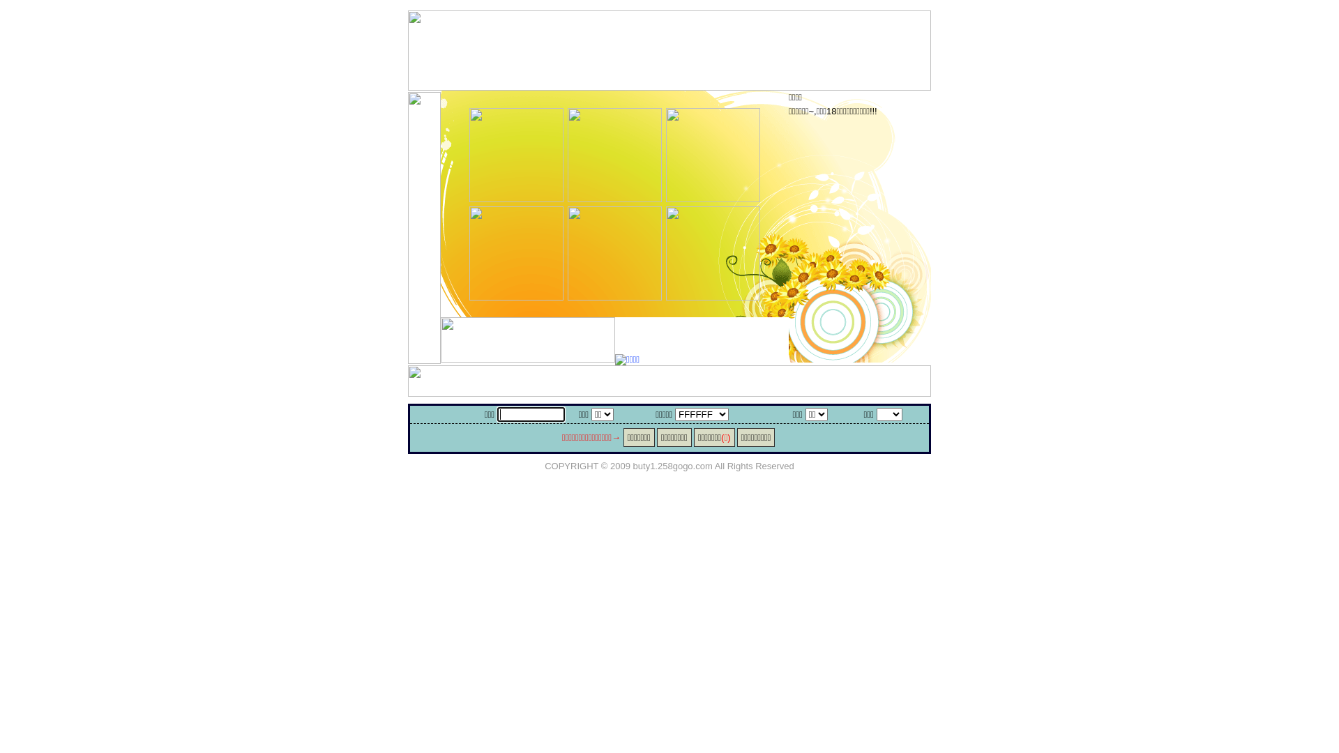  What do you see at coordinates (672, 465) in the screenshot?
I see `'buty1.258gogo.com'` at bounding box center [672, 465].